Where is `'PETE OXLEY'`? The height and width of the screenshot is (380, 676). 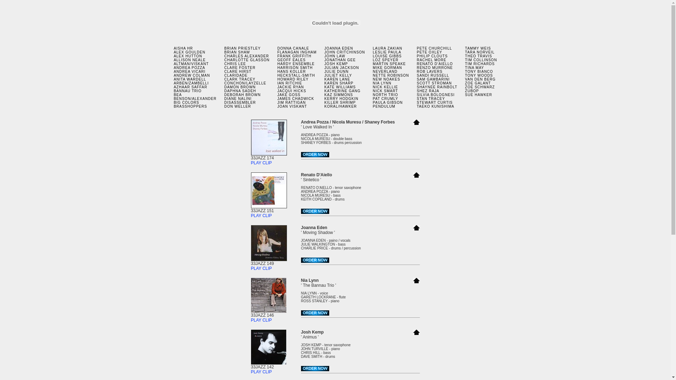
'PETE OXLEY' is located at coordinates (429, 52).